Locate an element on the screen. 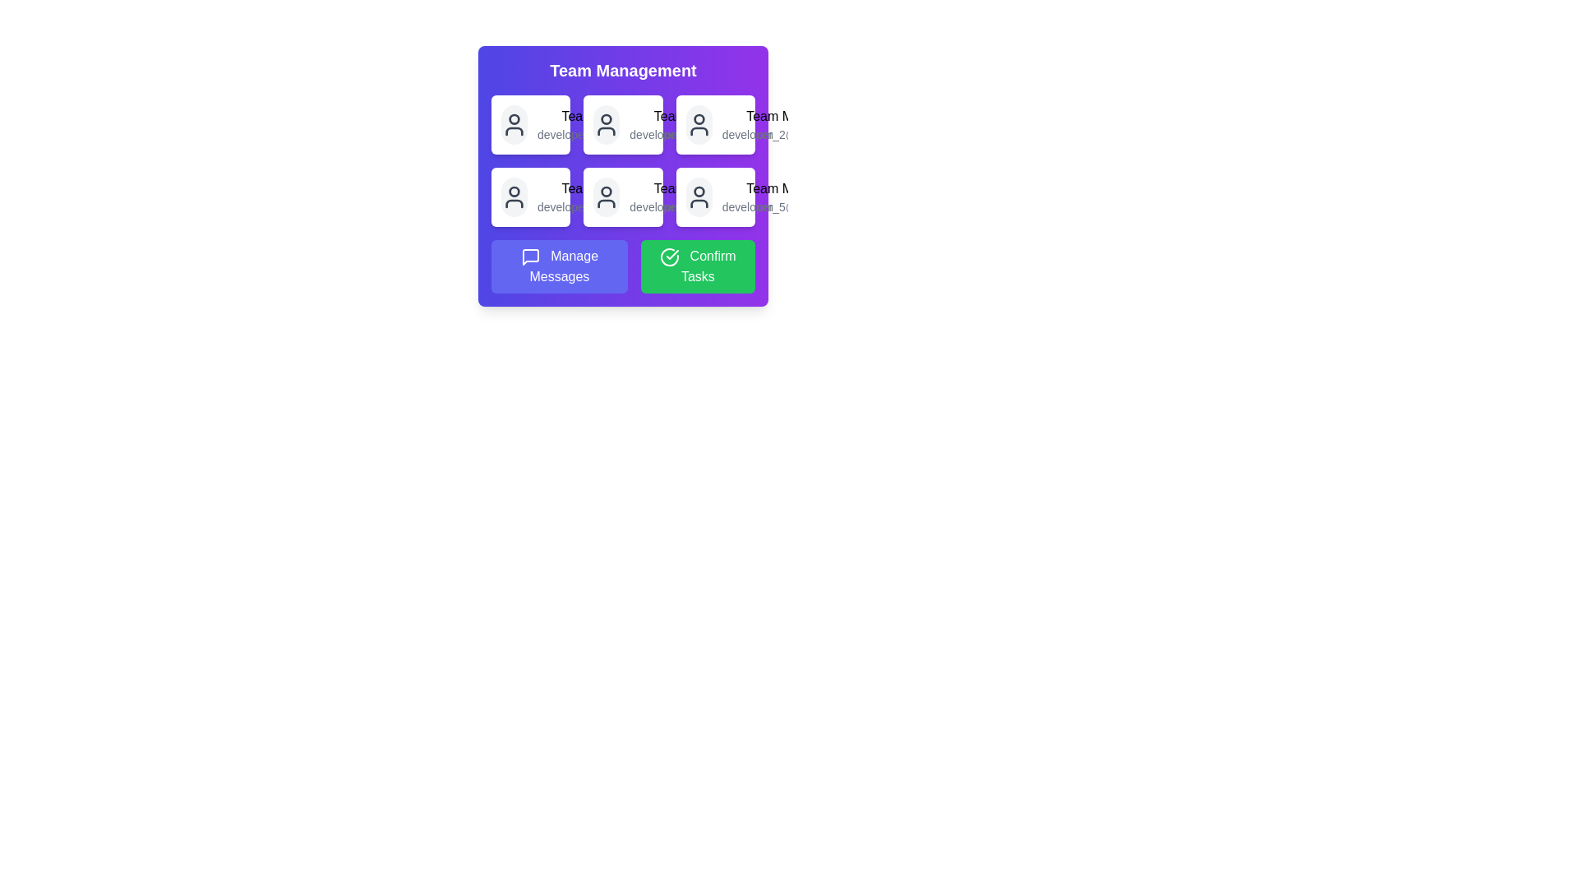 Image resolution: width=1578 pixels, height=888 pixels. 'Manage Messages' icon located to the left of the button in the Team Management interface is located at coordinates (530, 257).